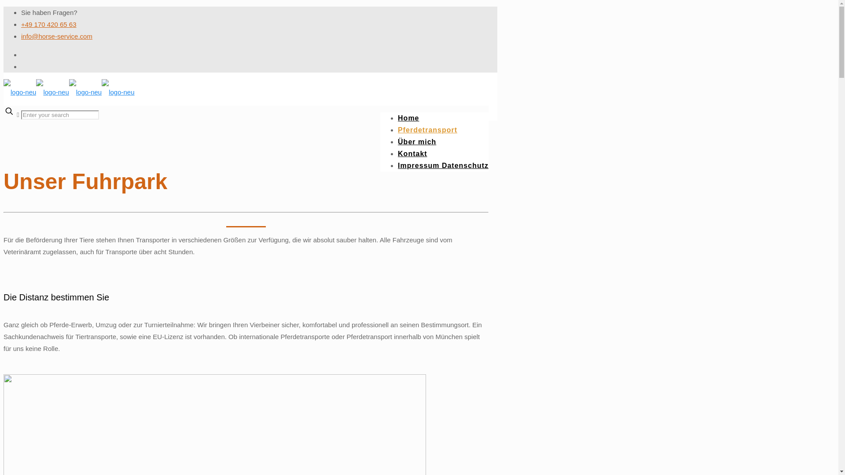 The width and height of the screenshot is (845, 475). I want to click on 'Pferdetransport', so click(427, 130).